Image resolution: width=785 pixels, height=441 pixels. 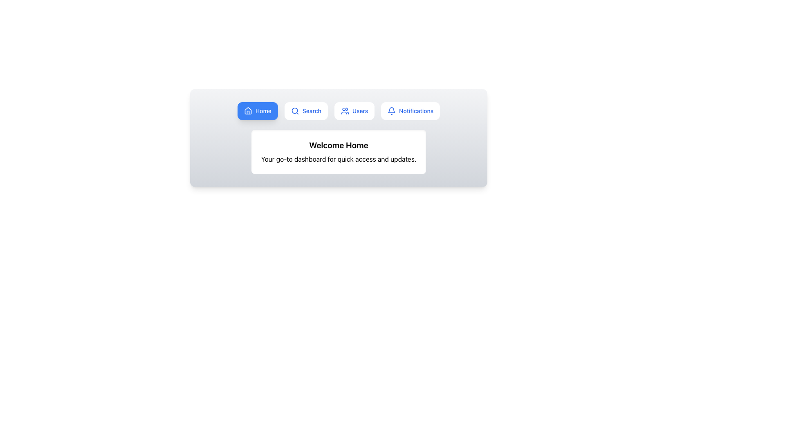 I want to click on the blue outlined icon representing individuals in the navigation menu, located to the left of the 'Users' text label, so click(x=345, y=111).